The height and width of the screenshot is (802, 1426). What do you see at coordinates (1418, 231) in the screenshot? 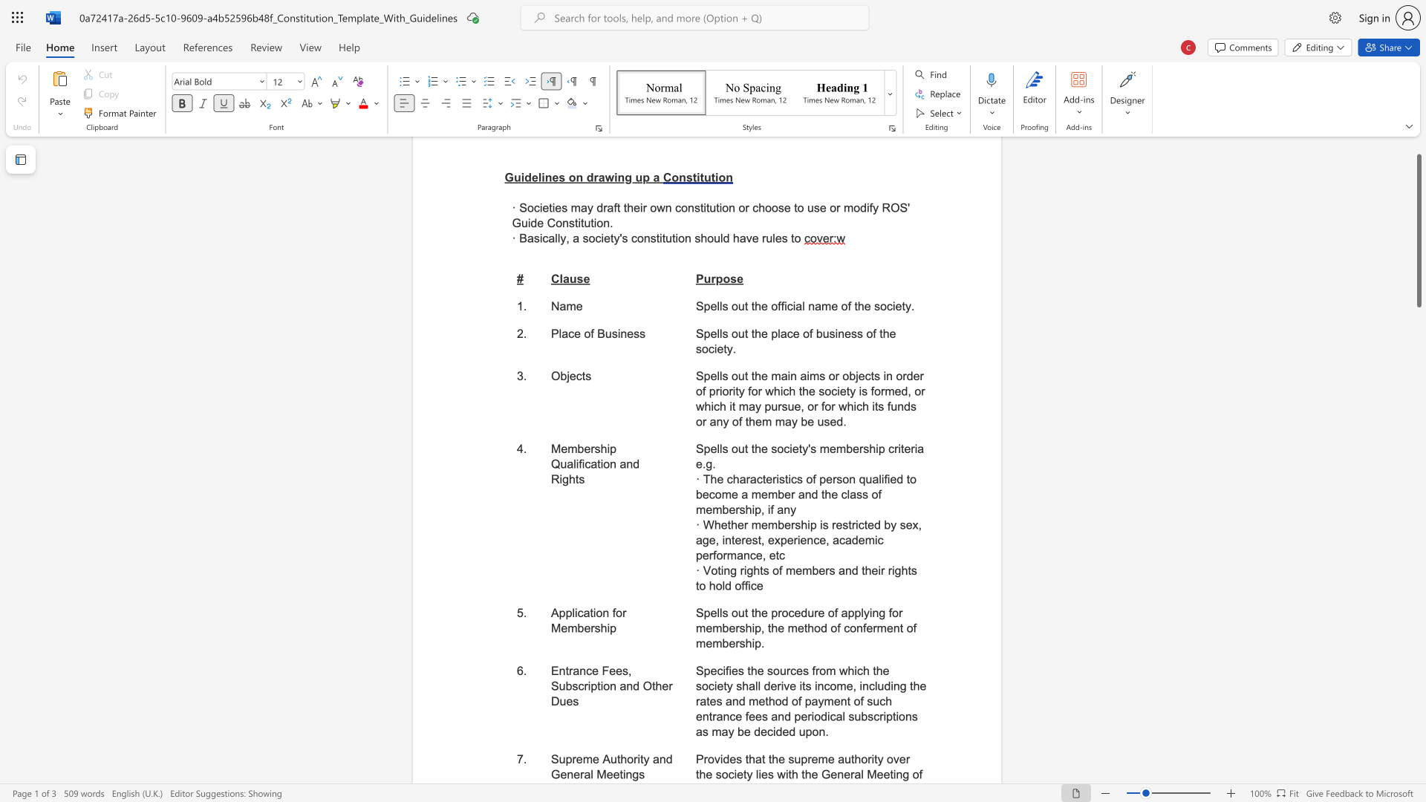
I see `the scrollbar and move down 1640 pixels` at bounding box center [1418, 231].